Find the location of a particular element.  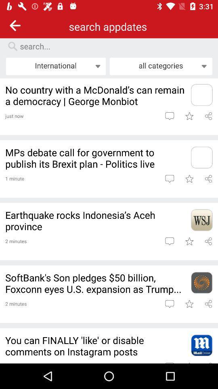

comment on post is located at coordinates (169, 179).